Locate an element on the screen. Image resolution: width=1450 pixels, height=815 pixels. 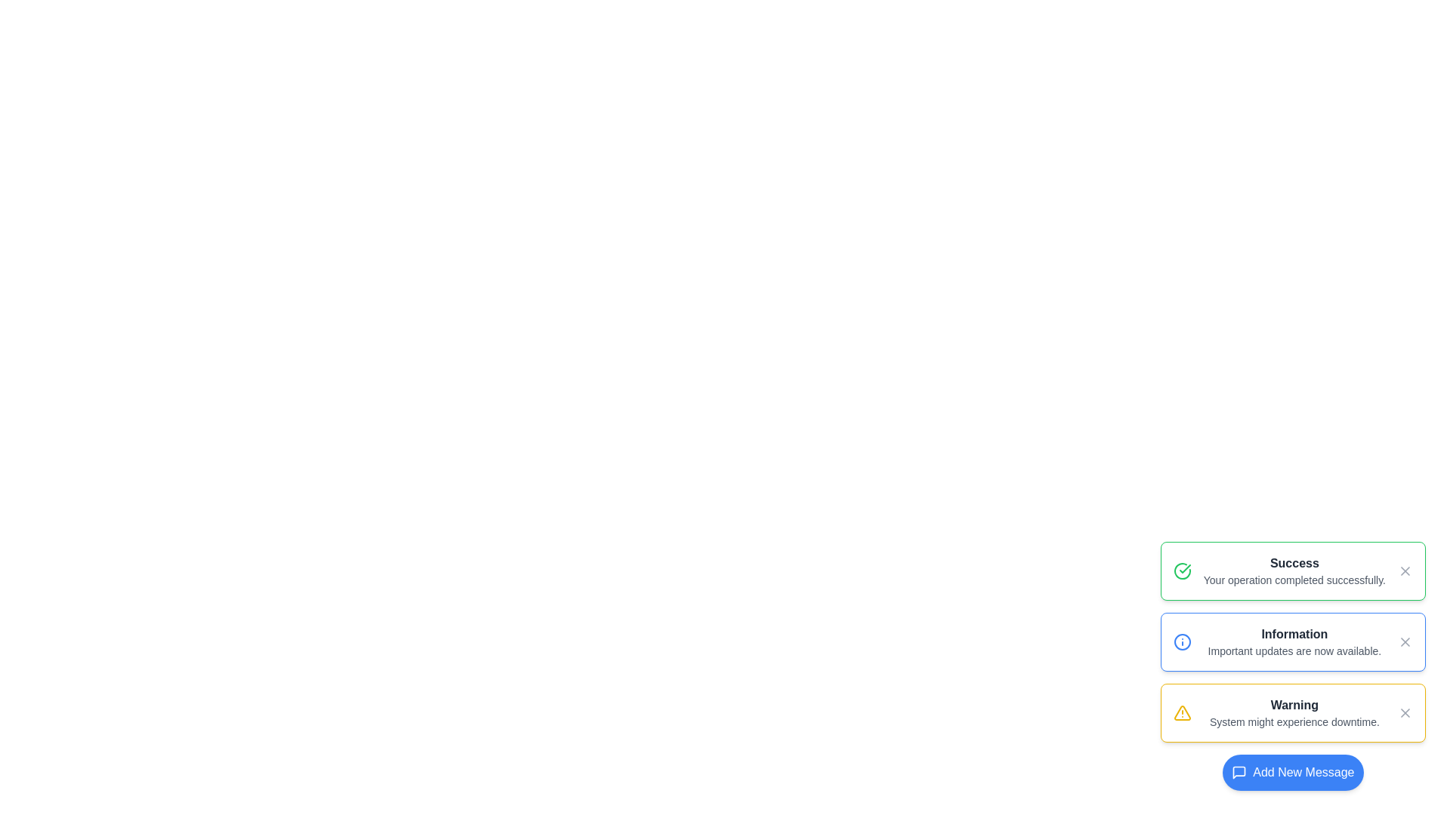
the interactive close button (an 'X' icon) located in the top-right corner of the notification box indicating success is located at coordinates (1405, 570).